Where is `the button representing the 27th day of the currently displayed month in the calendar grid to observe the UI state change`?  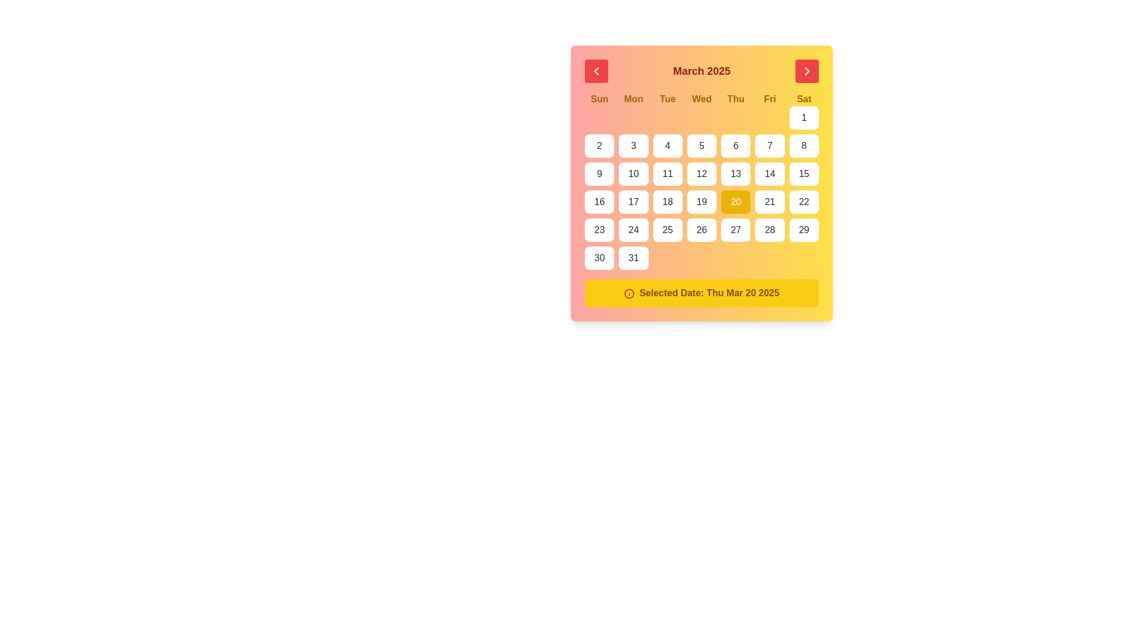 the button representing the 27th day of the currently displayed month in the calendar grid to observe the UI state change is located at coordinates (735, 230).